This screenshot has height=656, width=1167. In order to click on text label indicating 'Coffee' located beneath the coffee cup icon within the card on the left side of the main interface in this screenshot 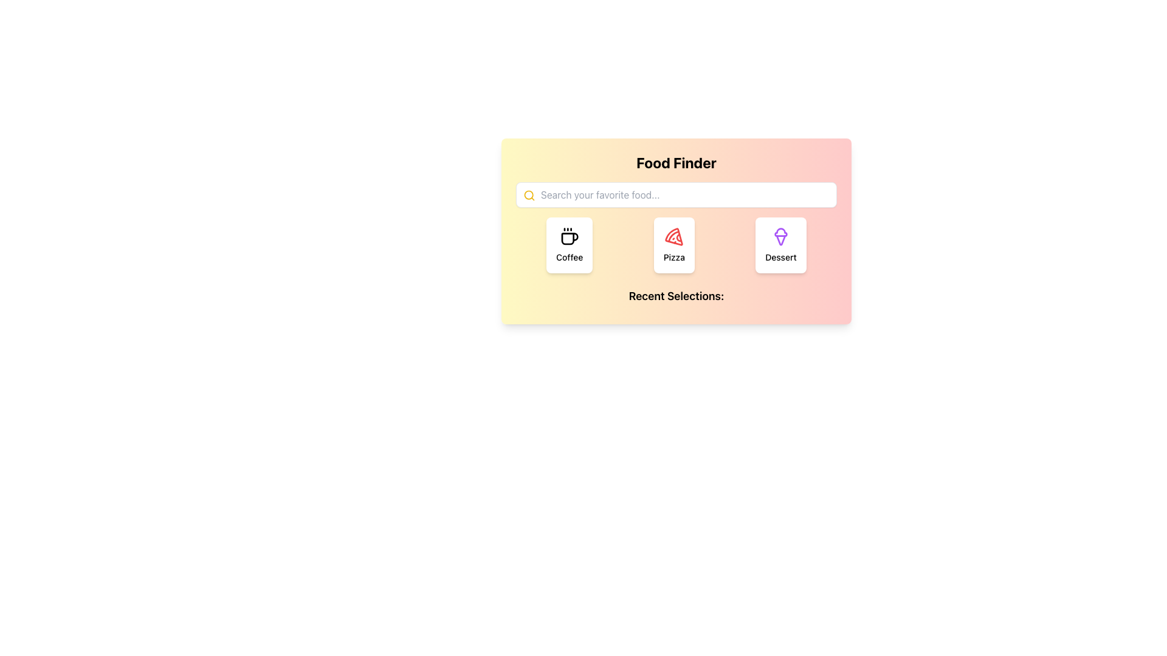, I will do `click(569, 257)`.